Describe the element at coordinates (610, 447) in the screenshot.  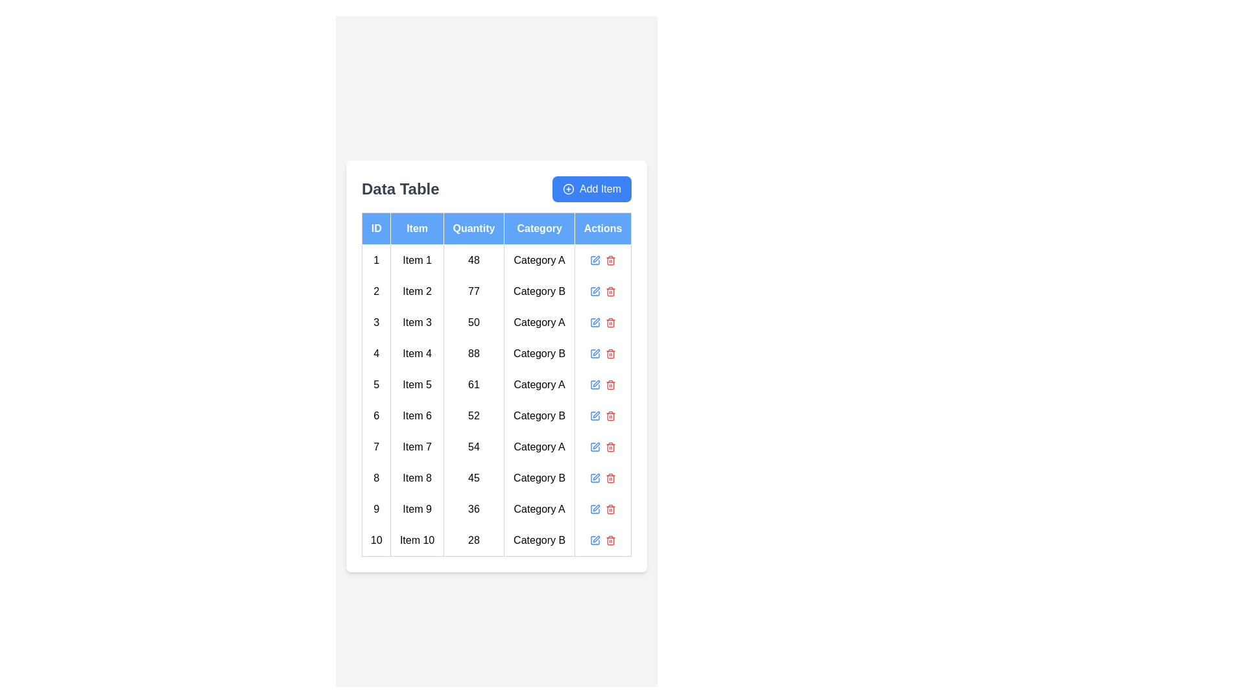
I see `the central part of the trash icon in the 'Actions' column of the data table associated with 'Item 7'` at that location.